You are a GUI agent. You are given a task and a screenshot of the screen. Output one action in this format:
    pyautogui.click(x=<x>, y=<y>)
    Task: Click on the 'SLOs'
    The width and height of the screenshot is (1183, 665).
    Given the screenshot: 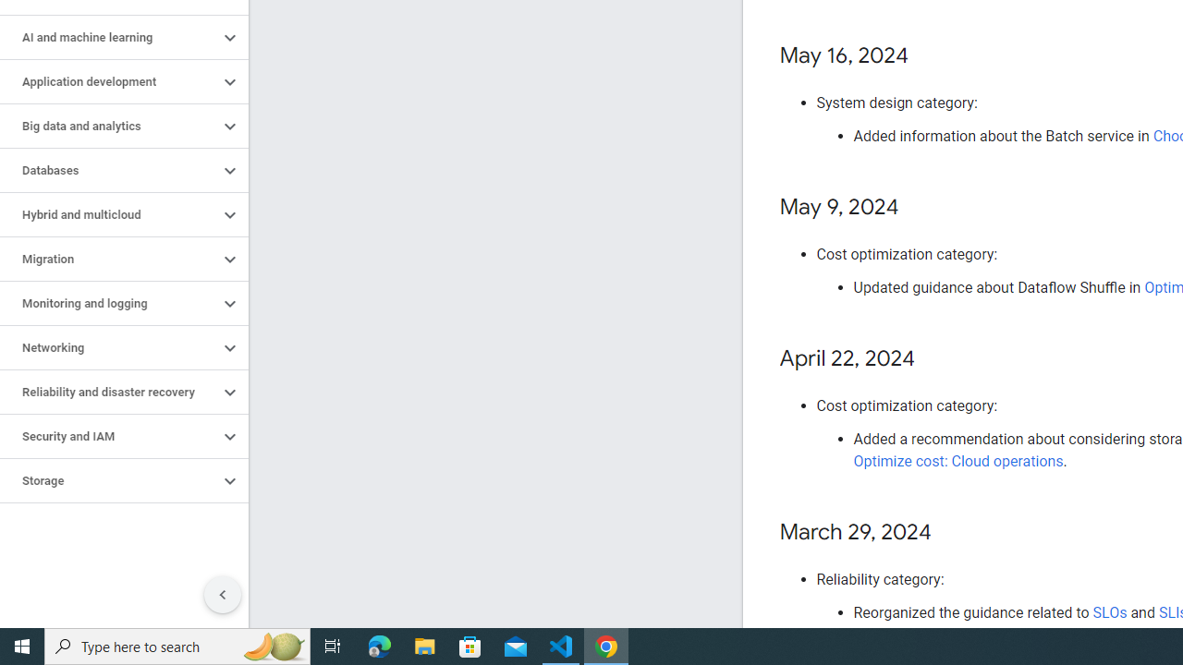 What is the action you would take?
    pyautogui.click(x=1109, y=612)
    